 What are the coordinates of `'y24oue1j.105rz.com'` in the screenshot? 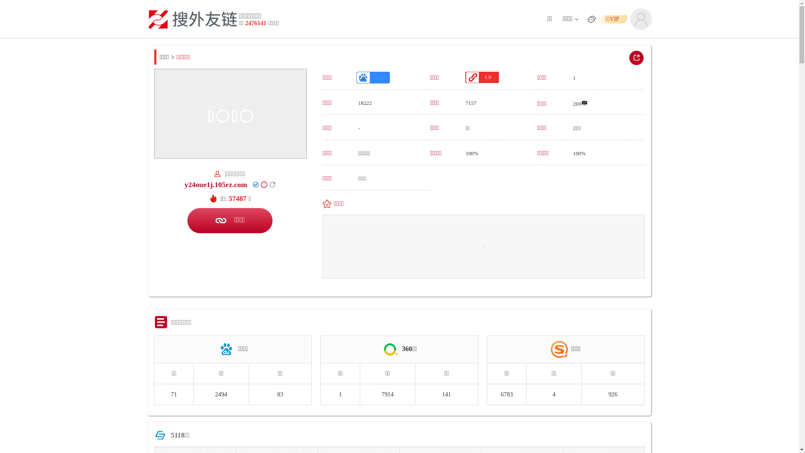 It's located at (216, 184).